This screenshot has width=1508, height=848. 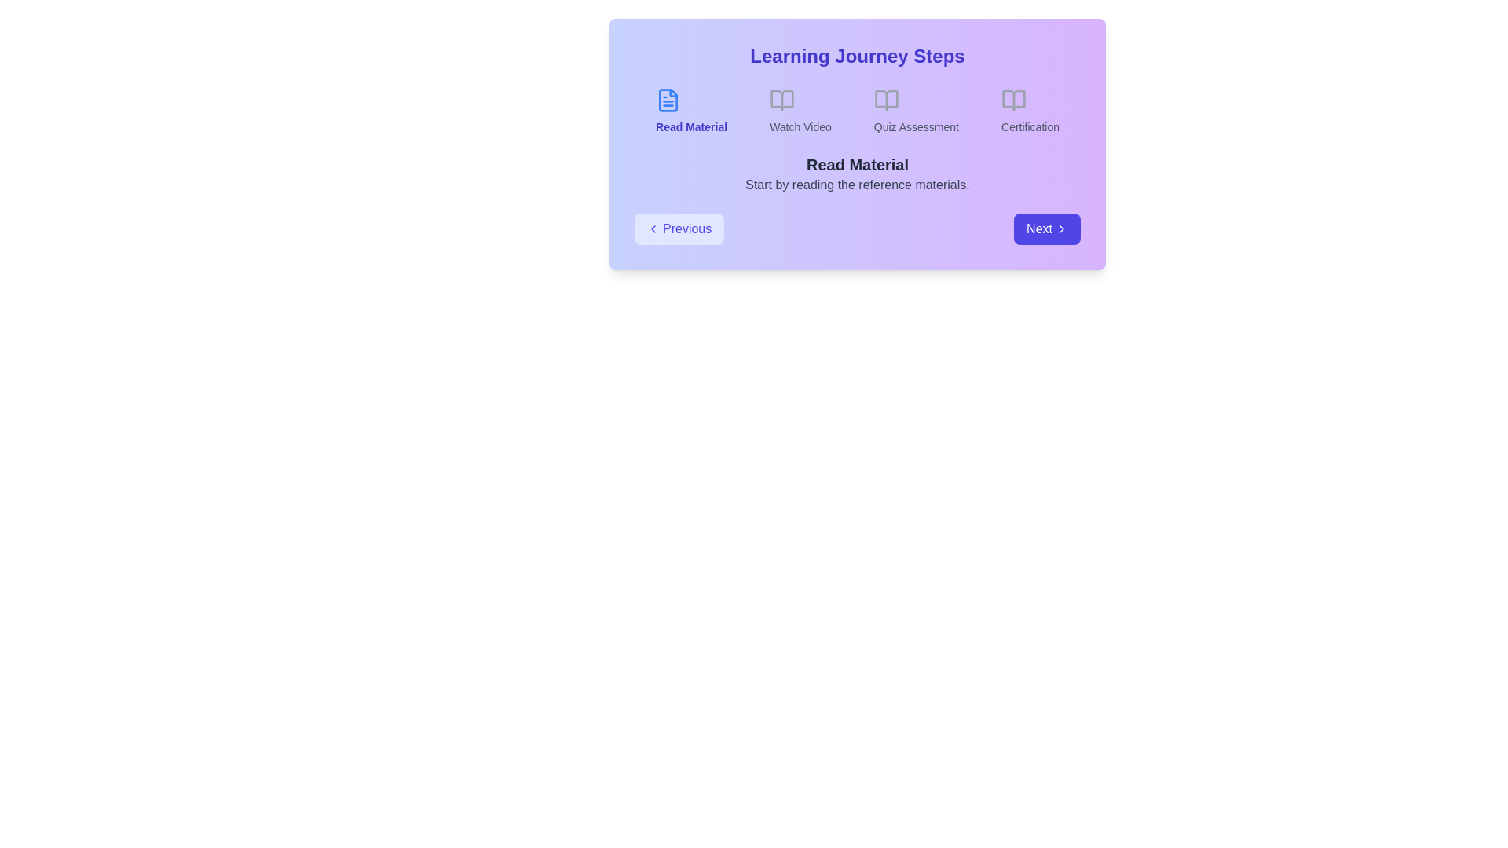 What do you see at coordinates (1014, 100) in the screenshot?
I see `the 'Certification' icon in the top-right quadrant of the interface to associate it with the step's descriptive text` at bounding box center [1014, 100].